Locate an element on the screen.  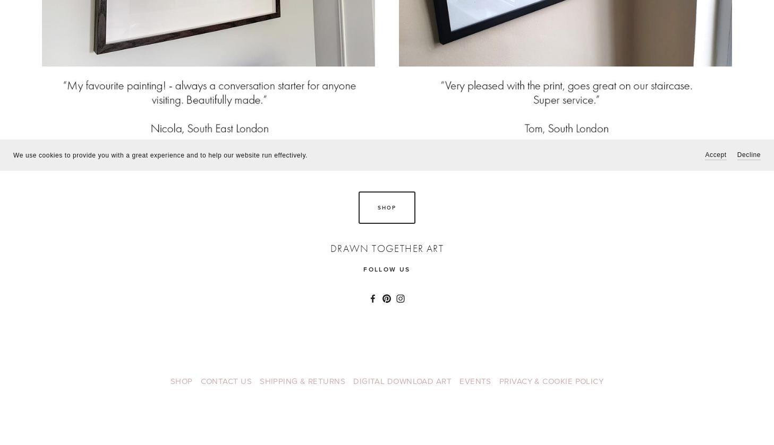
'Digital Download Art' is located at coordinates (402, 380).